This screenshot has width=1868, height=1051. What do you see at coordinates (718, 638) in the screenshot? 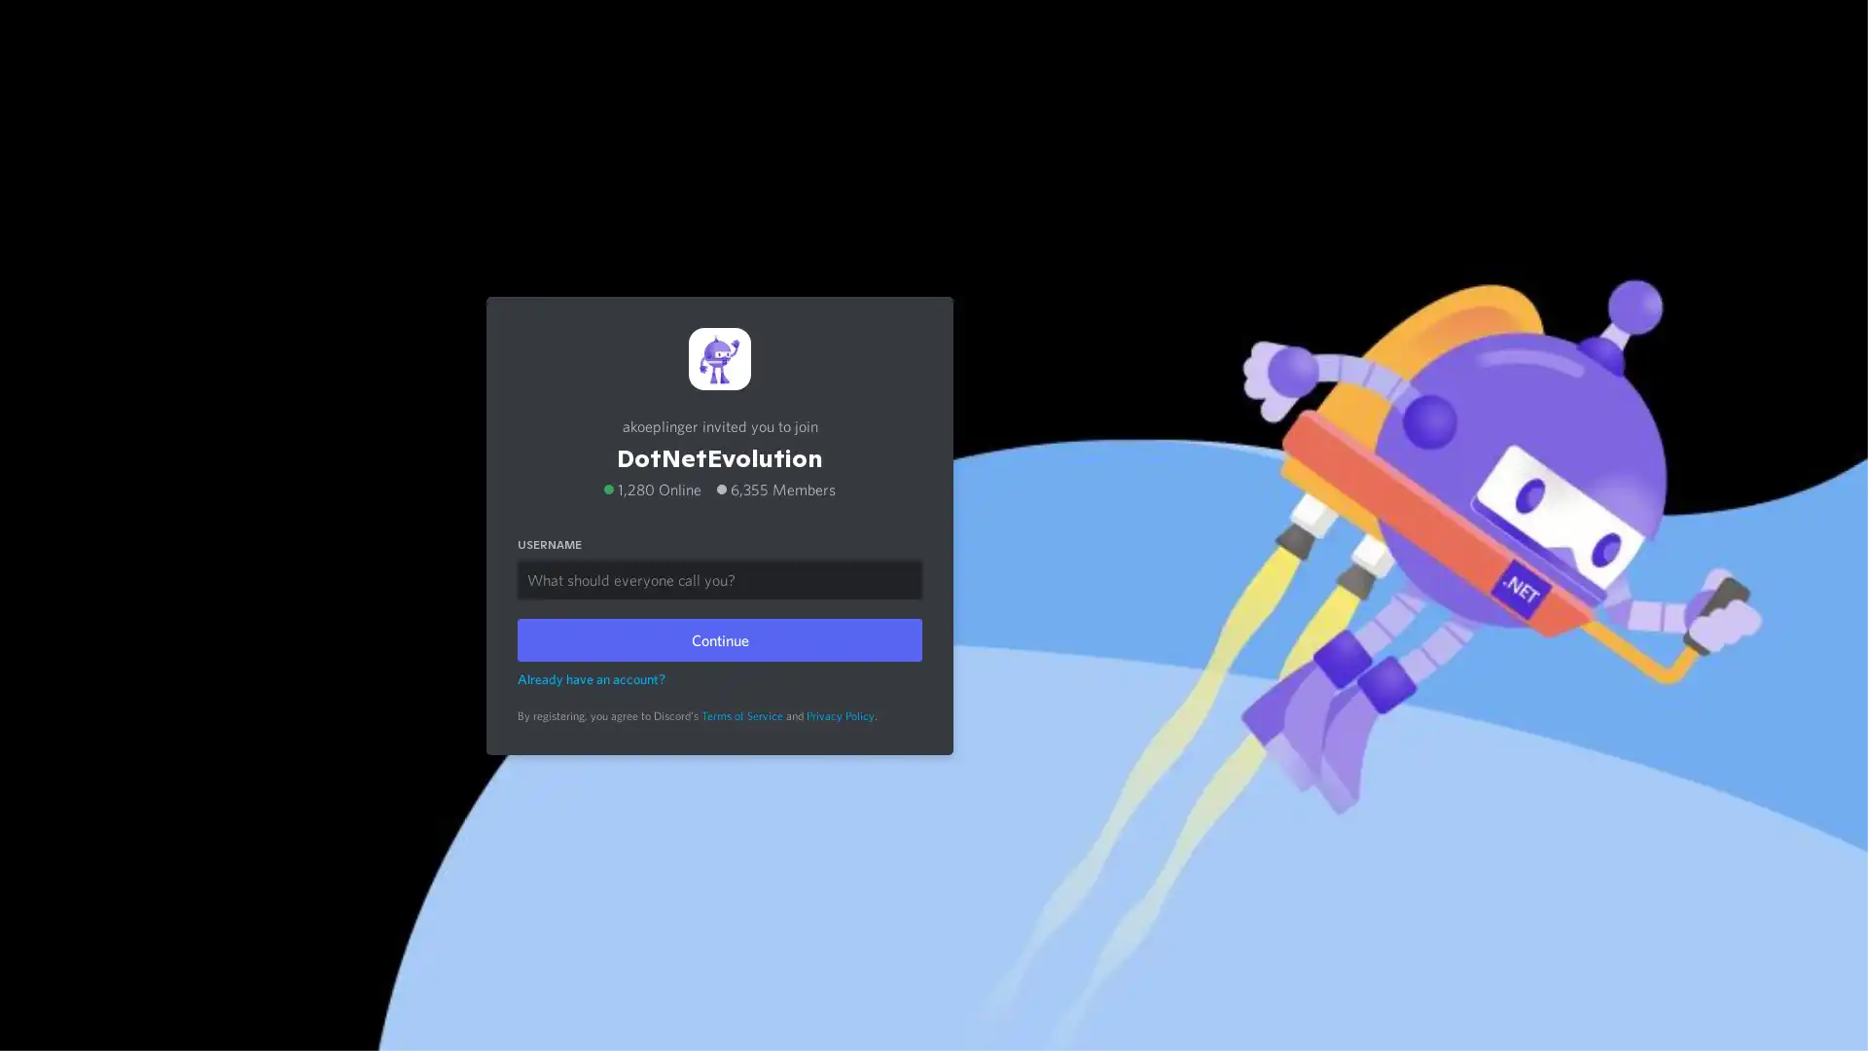
I see `Continue` at bounding box center [718, 638].